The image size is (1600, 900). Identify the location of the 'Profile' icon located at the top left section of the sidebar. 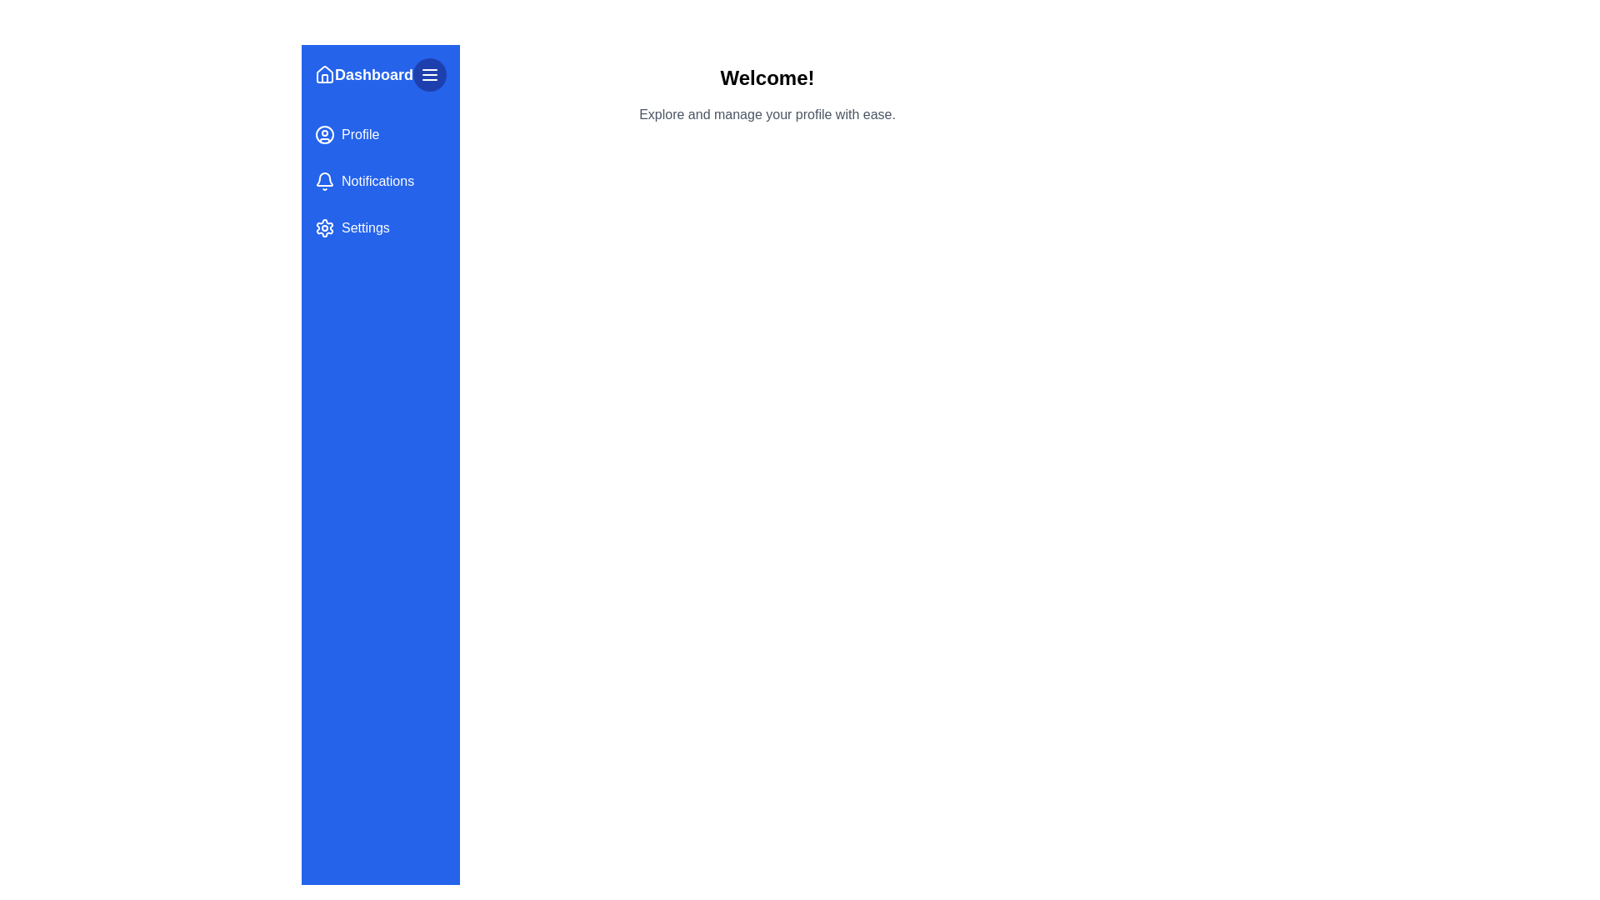
(324, 134).